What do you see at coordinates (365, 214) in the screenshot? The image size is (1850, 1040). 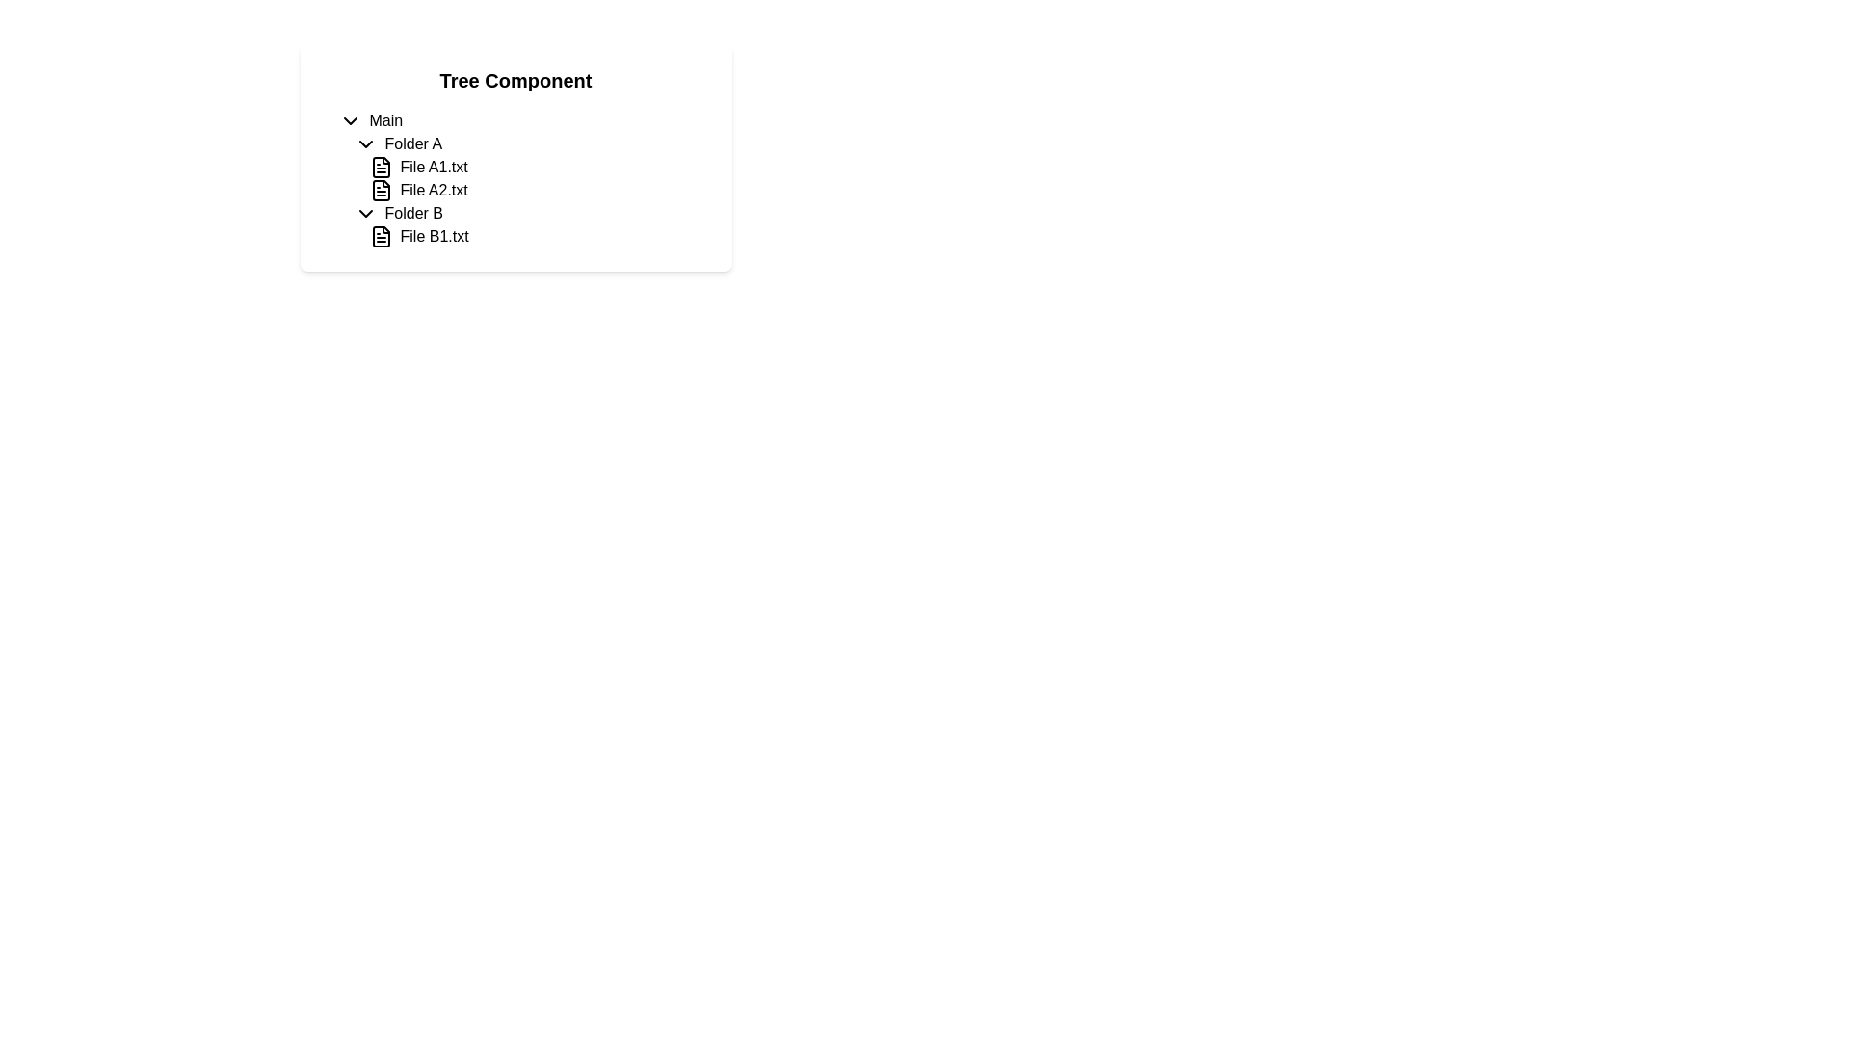 I see `the Chevron icon that toggles the expansion state of 'Folder B' in the tree structure display` at bounding box center [365, 214].